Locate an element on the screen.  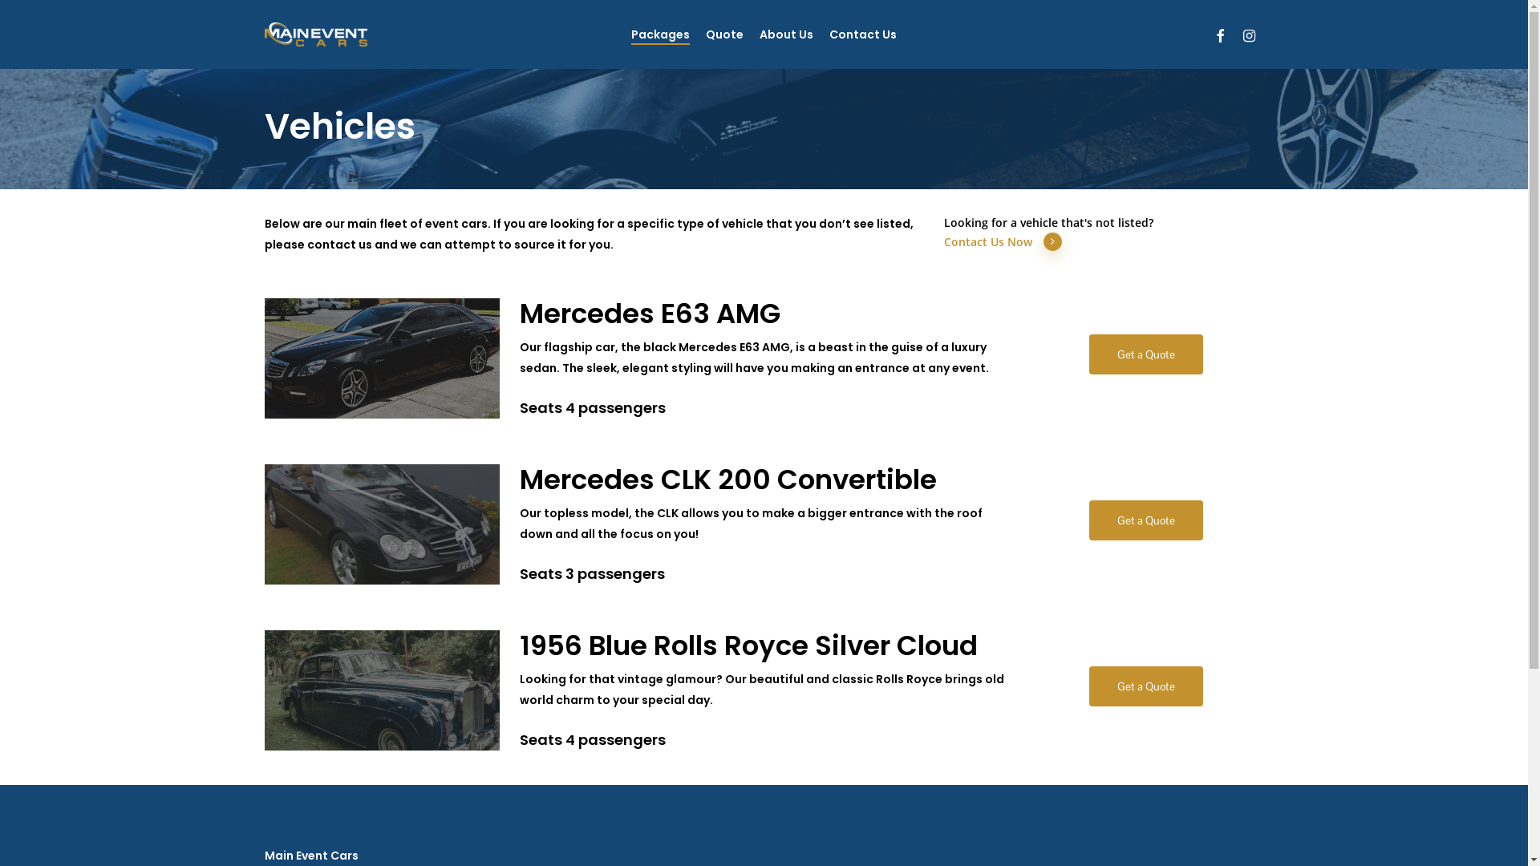
'instagram' is located at coordinates (1247, 34).